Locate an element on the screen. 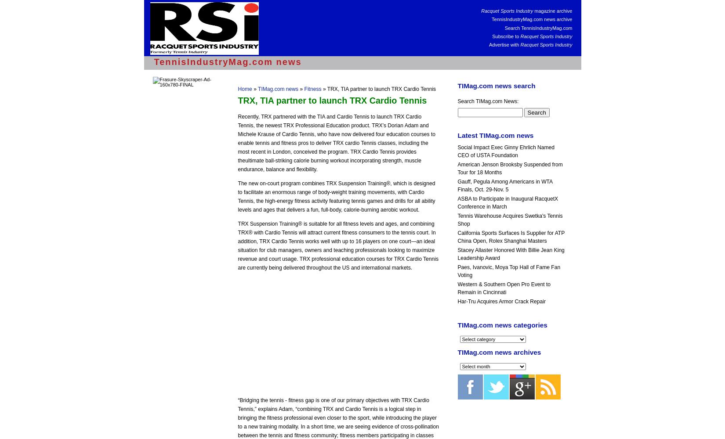 The image size is (725, 439). 'Search TIMag.com News:' is located at coordinates (488, 101).